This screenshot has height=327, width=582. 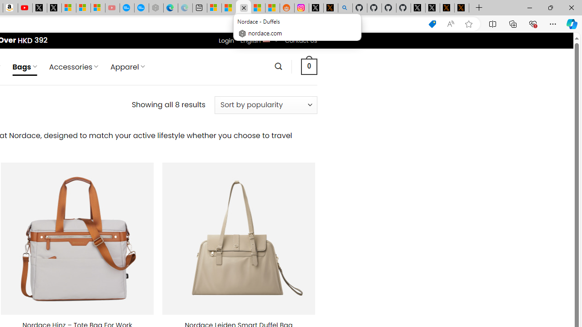 I want to click on 'Shop order', so click(x=265, y=104).